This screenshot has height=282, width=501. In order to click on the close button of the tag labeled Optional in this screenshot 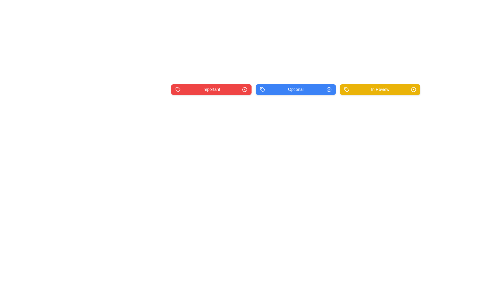, I will do `click(329, 89)`.